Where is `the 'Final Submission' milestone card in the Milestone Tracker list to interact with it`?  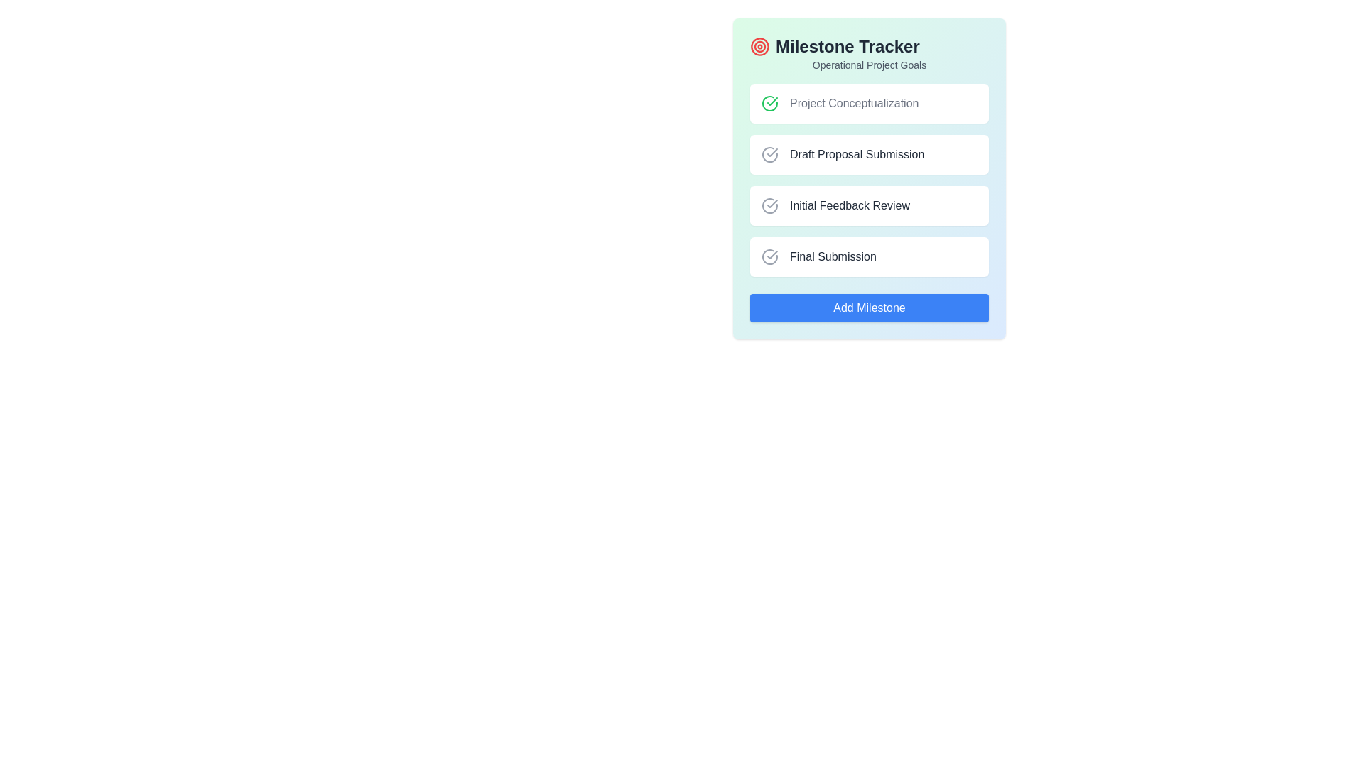 the 'Final Submission' milestone card in the Milestone Tracker list to interact with it is located at coordinates (869, 257).